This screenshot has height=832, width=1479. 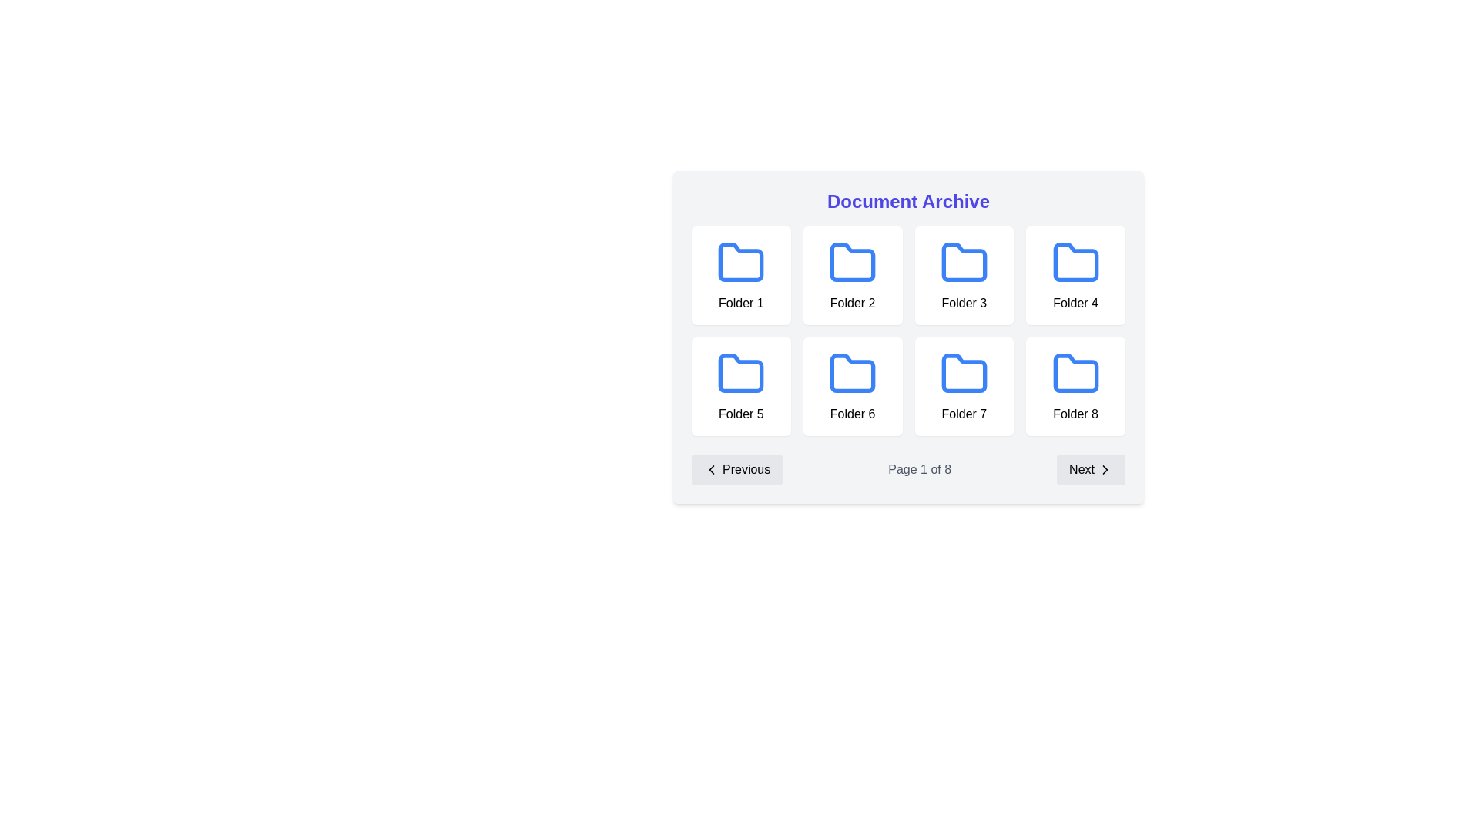 I want to click on the 'Previous' button associated with the left-pointing arrow icon located in the bottom left of the interface, so click(x=711, y=468).